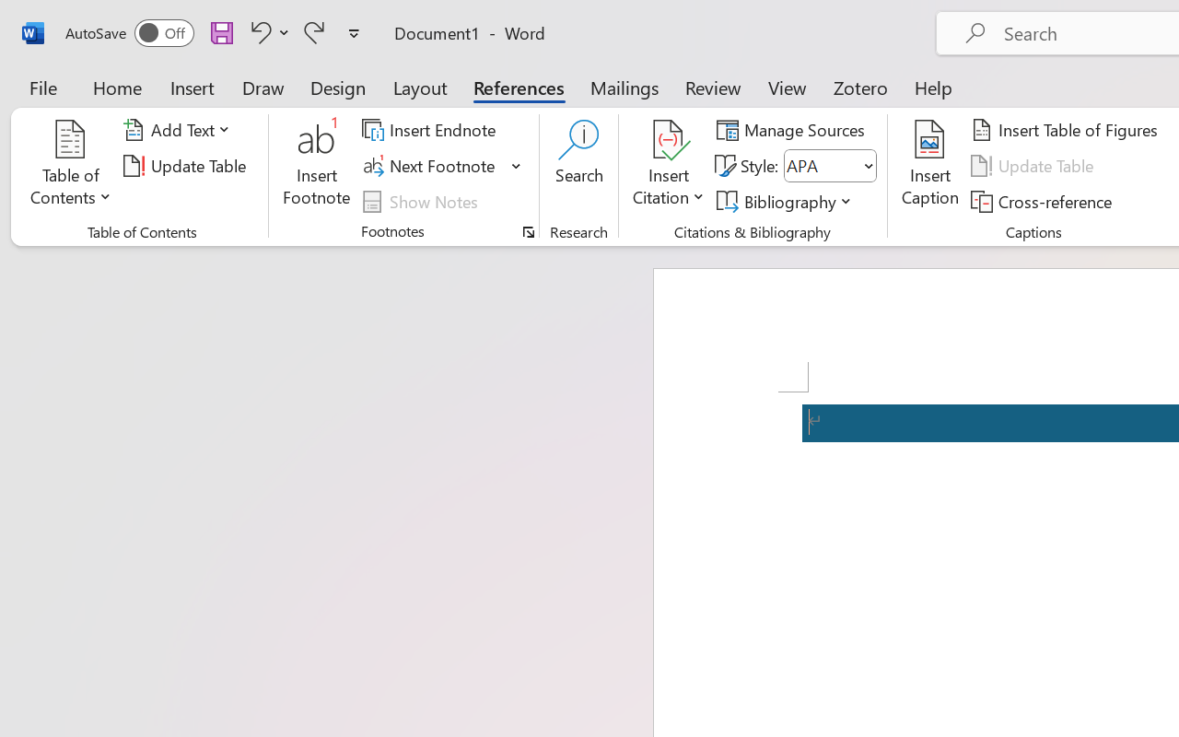  I want to click on 'Undo Apply Quick Style Set', so click(257, 31).